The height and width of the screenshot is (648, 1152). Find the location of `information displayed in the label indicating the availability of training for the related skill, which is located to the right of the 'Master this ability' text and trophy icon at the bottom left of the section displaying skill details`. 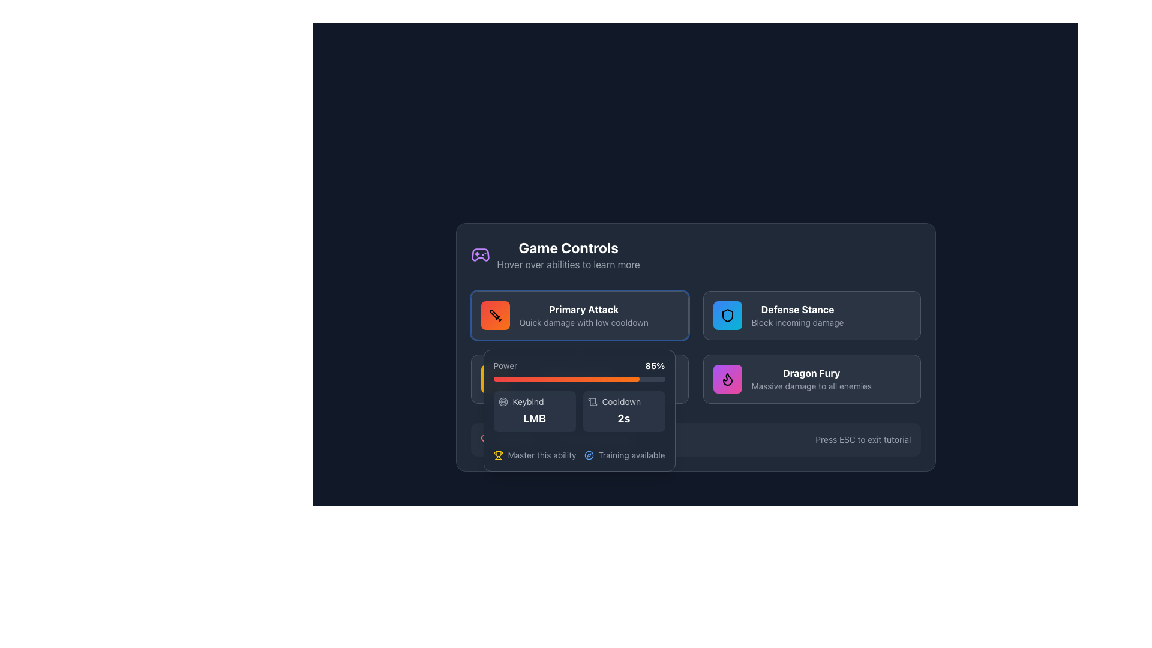

information displayed in the label indicating the availability of training for the related skill, which is located to the right of the 'Master this ability' text and trophy icon at the bottom left of the section displaying skill details is located at coordinates (624, 455).